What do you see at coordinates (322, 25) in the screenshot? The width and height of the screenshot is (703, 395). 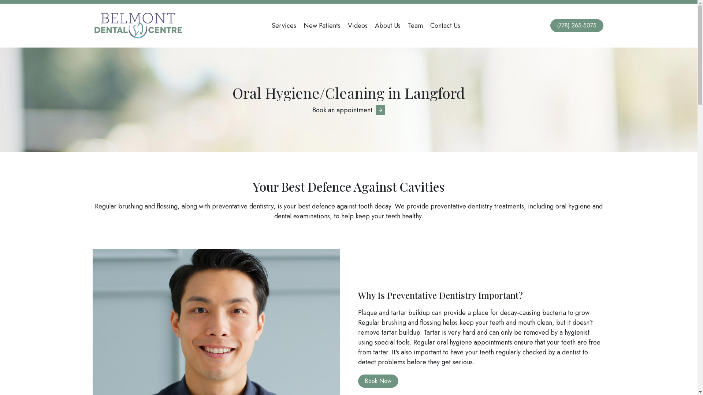 I see `'New Patients'` at bounding box center [322, 25].